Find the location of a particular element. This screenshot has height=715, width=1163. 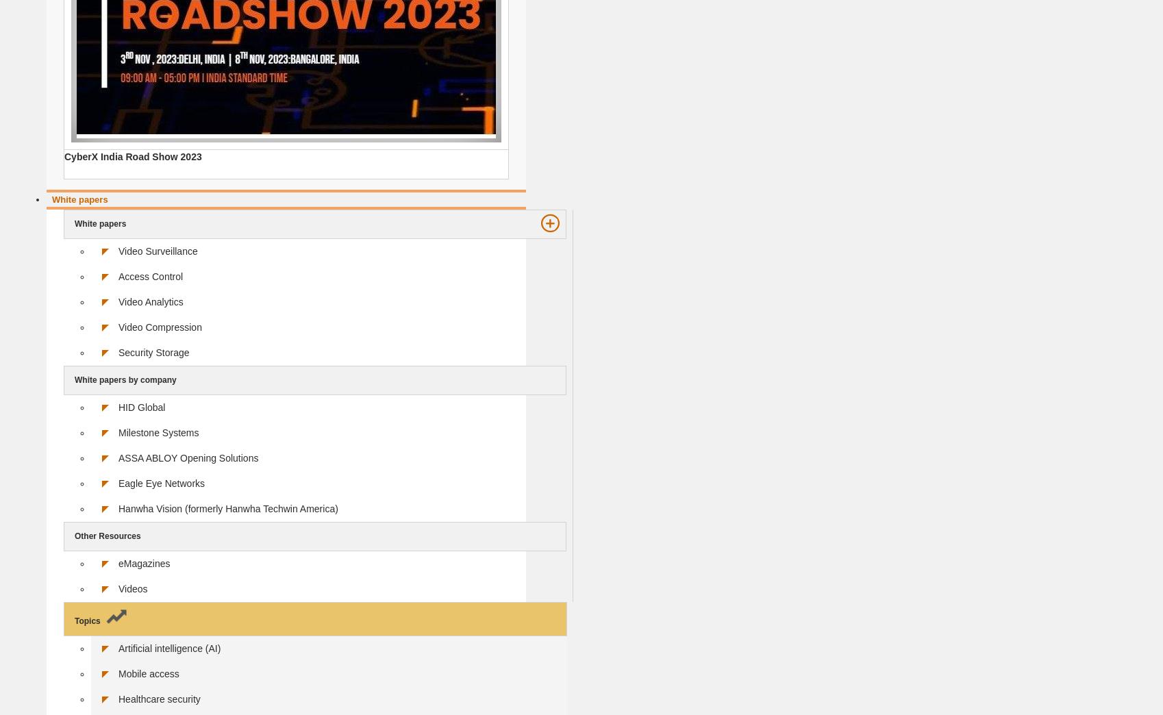

'Milestone Systems' is located at coordinates (158, 433).